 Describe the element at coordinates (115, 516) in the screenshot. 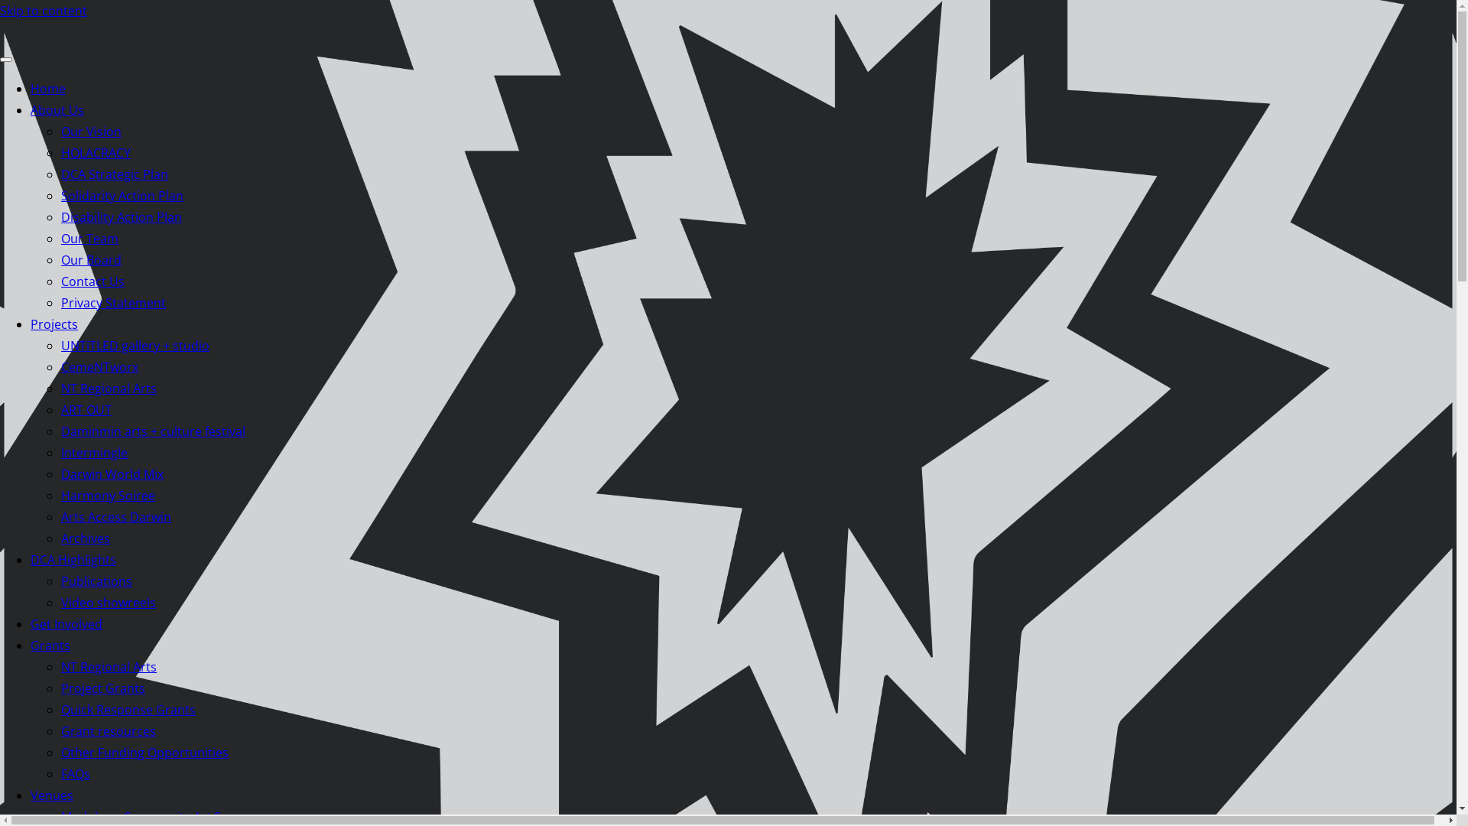

I see `'Arts Access Darwin'` at that location.